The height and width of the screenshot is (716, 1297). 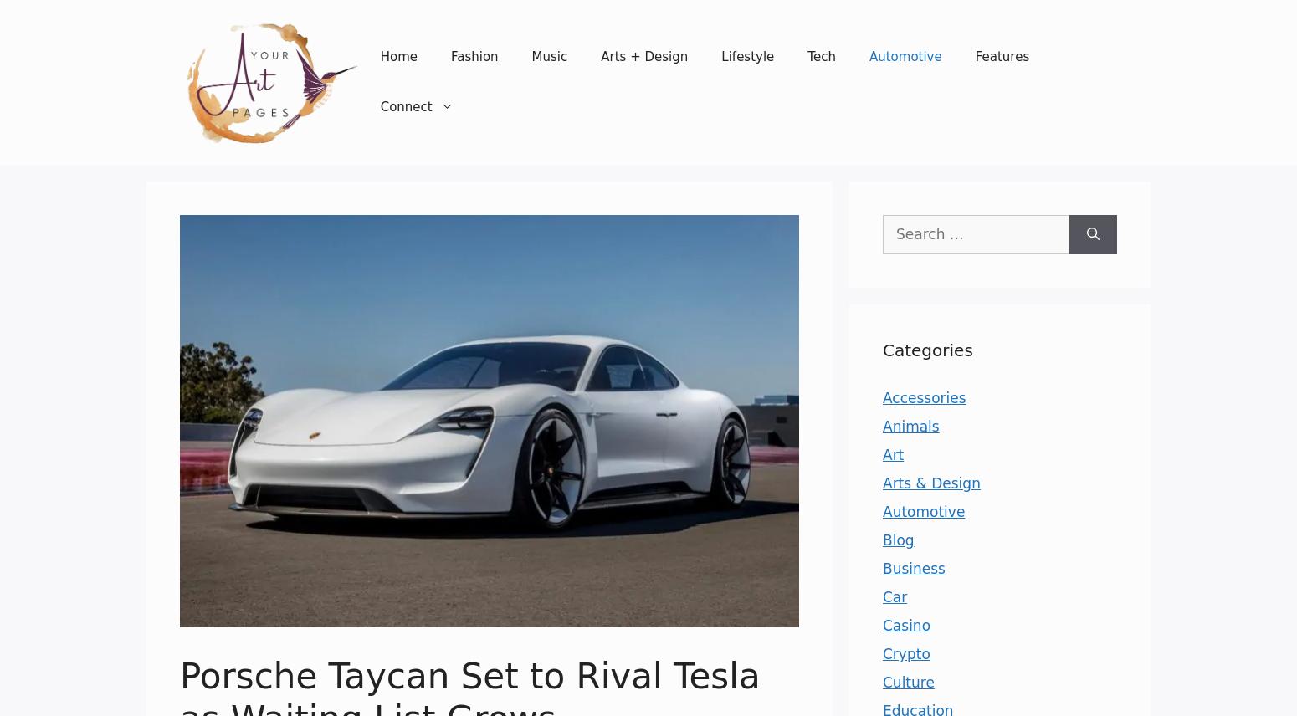 I want to click on 'Connect', so click(x=404, y=105).